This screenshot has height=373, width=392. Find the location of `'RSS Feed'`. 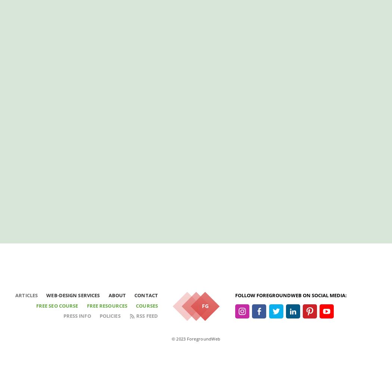

'RSS Feed' is located at coordinates (146, 315).